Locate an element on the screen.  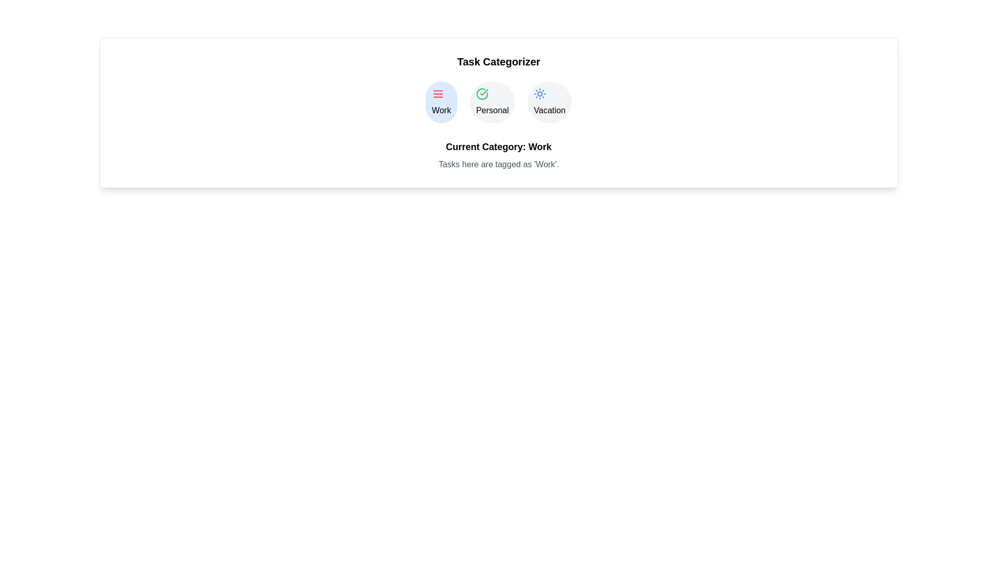
the green circular icon with a checkmark that is located inside the 'Personal' category button, the second button from the left in the category navigation component is located at coordinates (481, 94).